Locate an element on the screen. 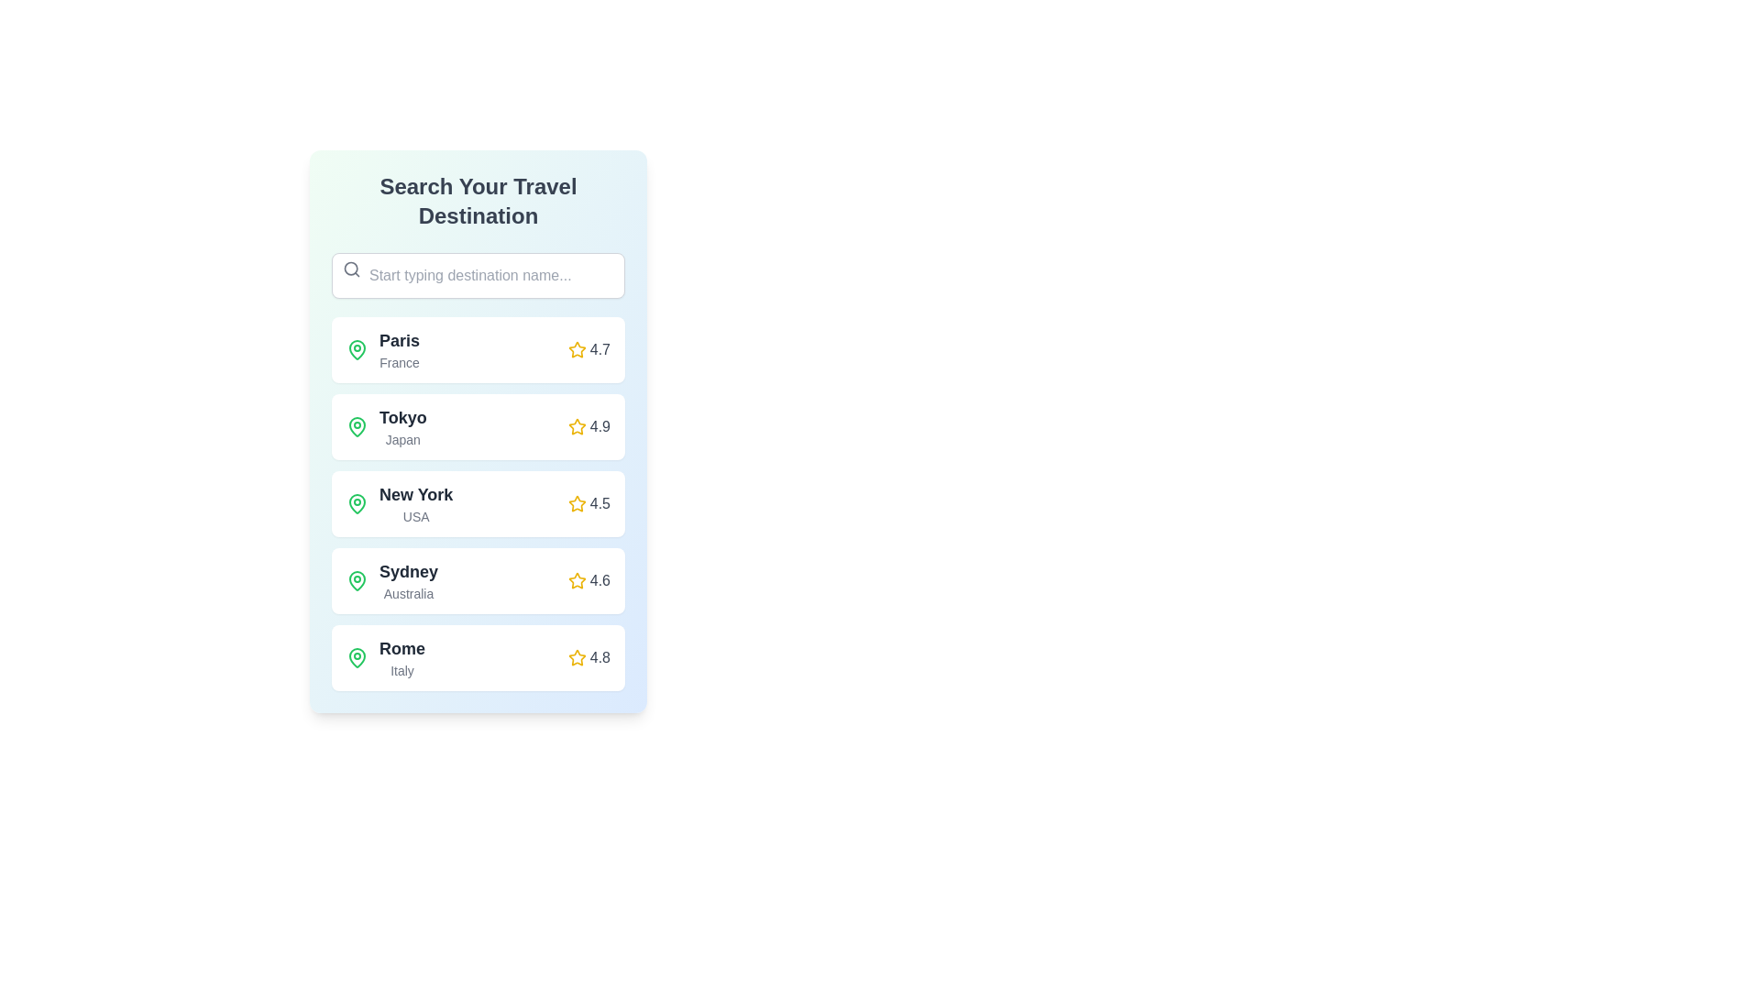 The height and width of the screenshot is (990, 1760). the star-shaped icon that visually depicts the rating information for 'Rome, Italy', located to the left of the numeric rating '4.8' is located at coordinates (576, 656).